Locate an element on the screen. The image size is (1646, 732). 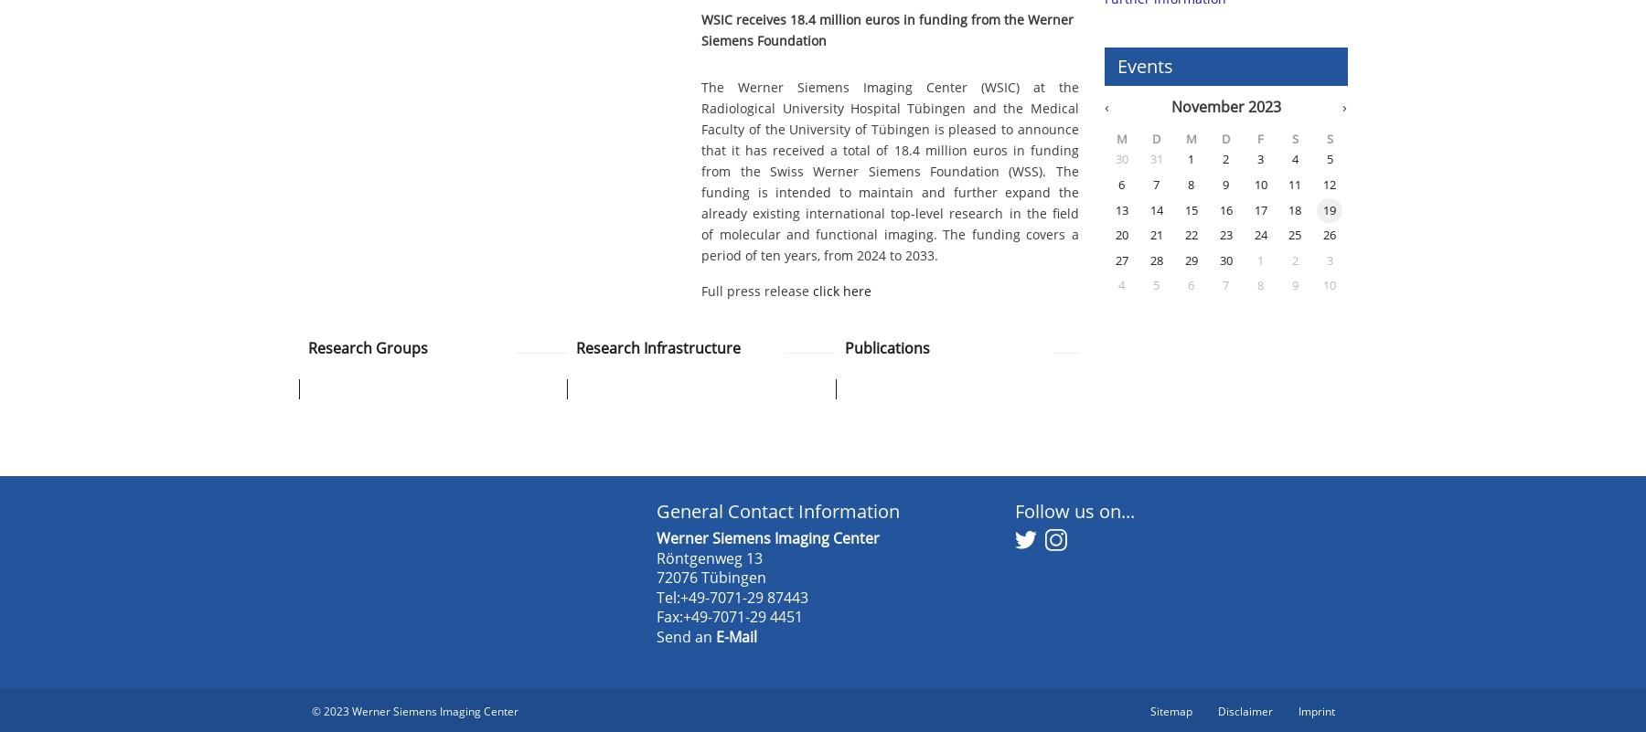
'Röntgenweg 13' is located at coordinates (656, 557).